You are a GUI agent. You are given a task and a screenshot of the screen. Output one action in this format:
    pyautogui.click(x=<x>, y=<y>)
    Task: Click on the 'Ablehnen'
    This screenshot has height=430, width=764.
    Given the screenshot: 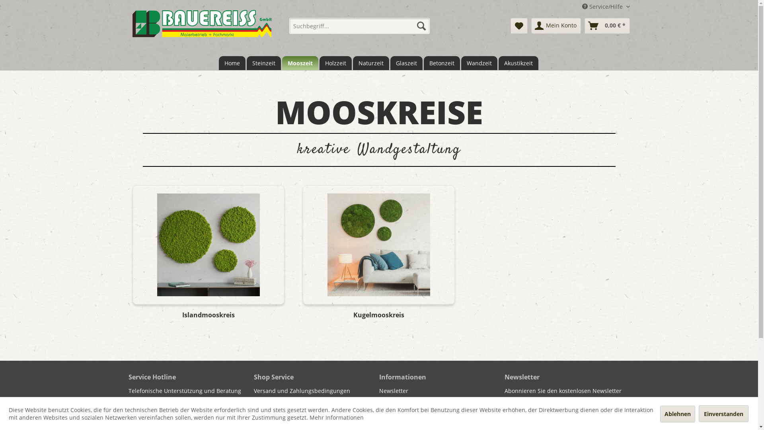 What is the action you would take?
    pyautogui.click(x=677, y=414)
    